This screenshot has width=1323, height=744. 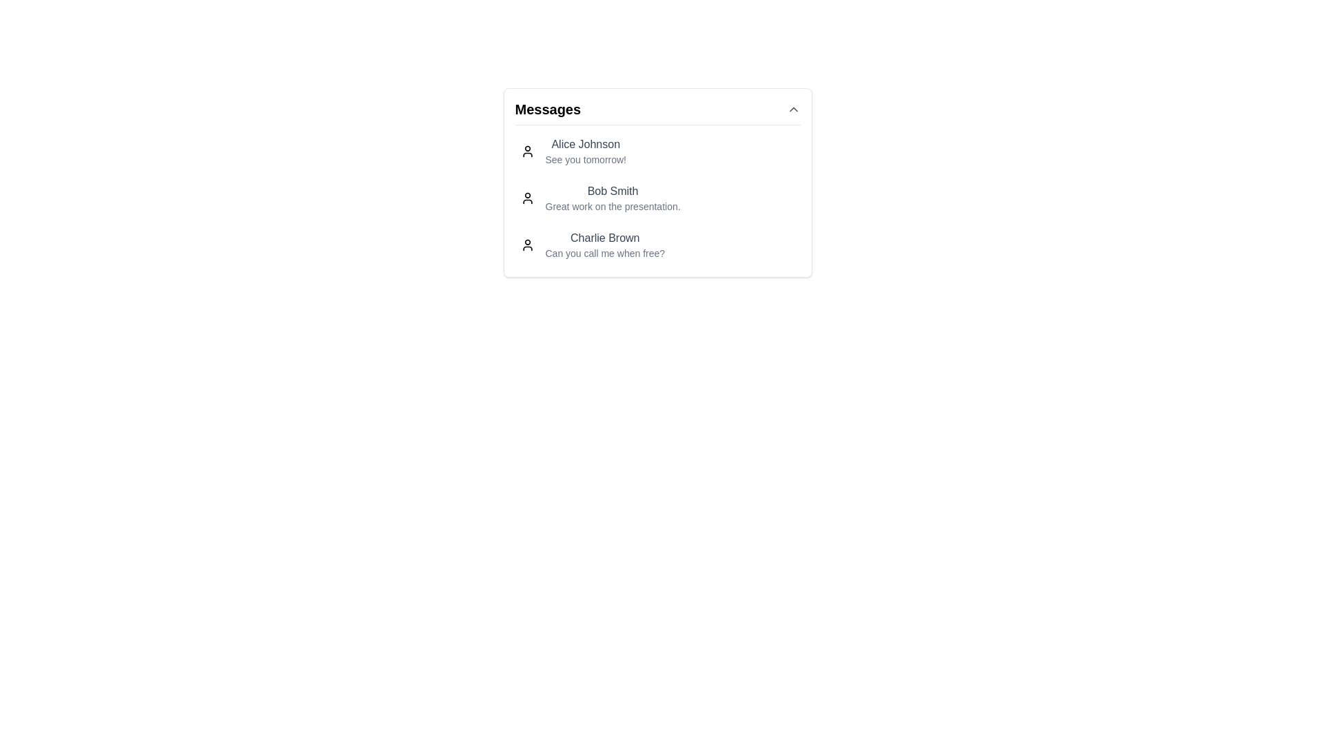 What do you see at coordinates (526, 198) in the screenshot?
I see `the user profile/avatar icon, which is a small line-drawing representation of a person located in the messages list adjacent to Bob Smith's message` at bounding box center [526, 198].